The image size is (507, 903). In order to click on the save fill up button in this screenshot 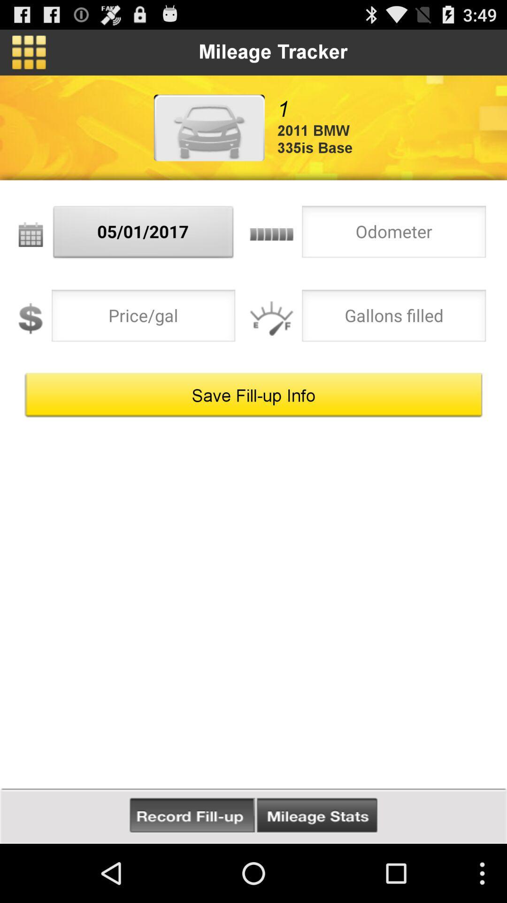, I will do `click(253, 395)`.